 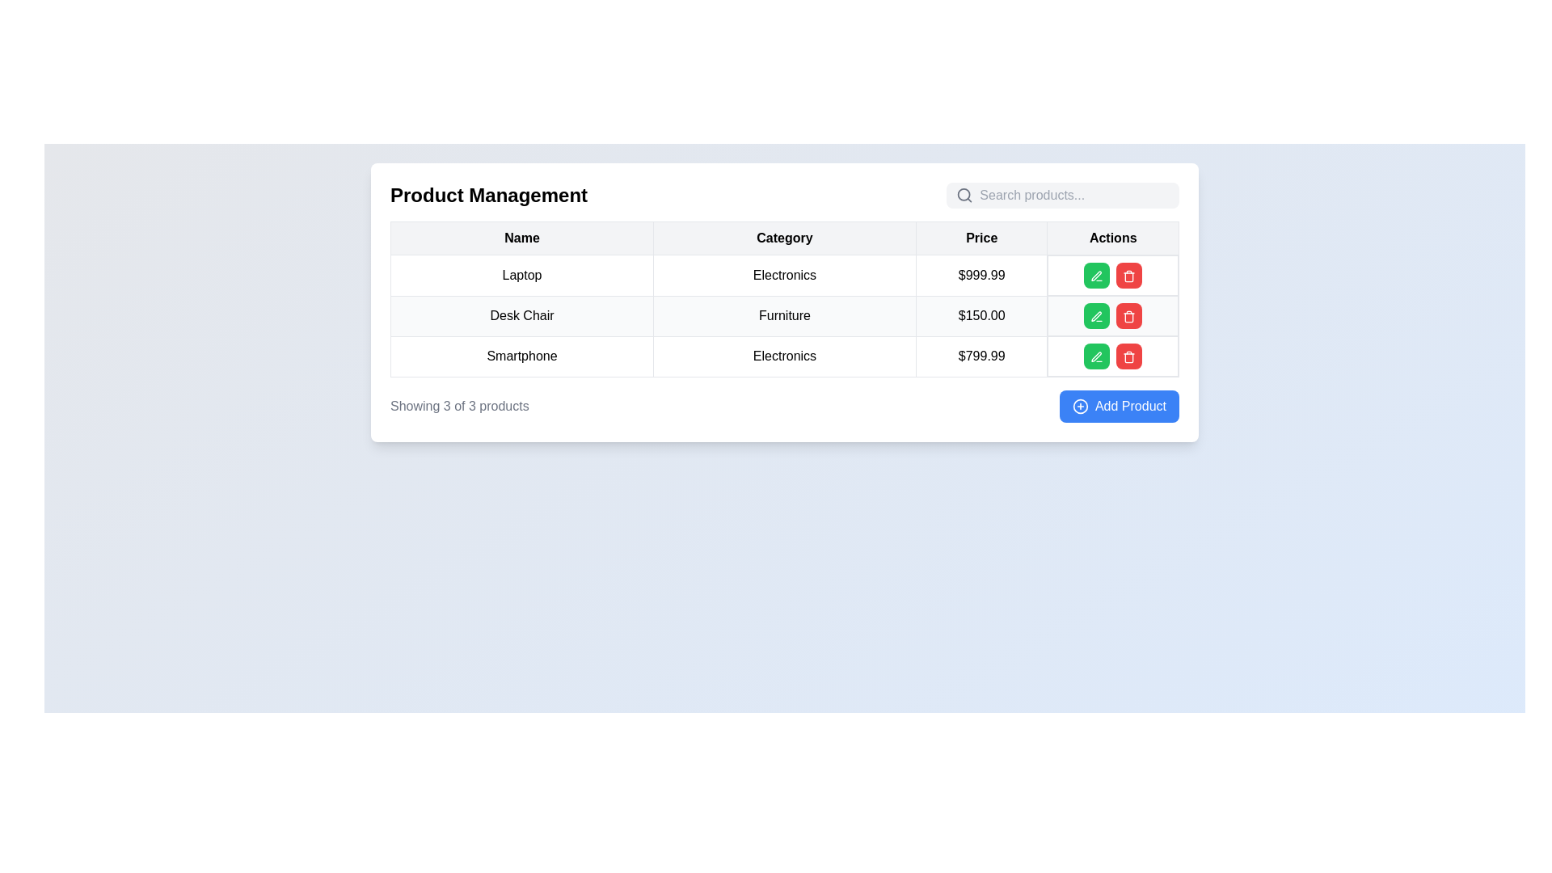 What do you see at coordinates (964, 194) in the screenshot?
I see `the circular shape within the search icon located in the top-right search bar of the Product Management panel` at bounding box center [964, 194].